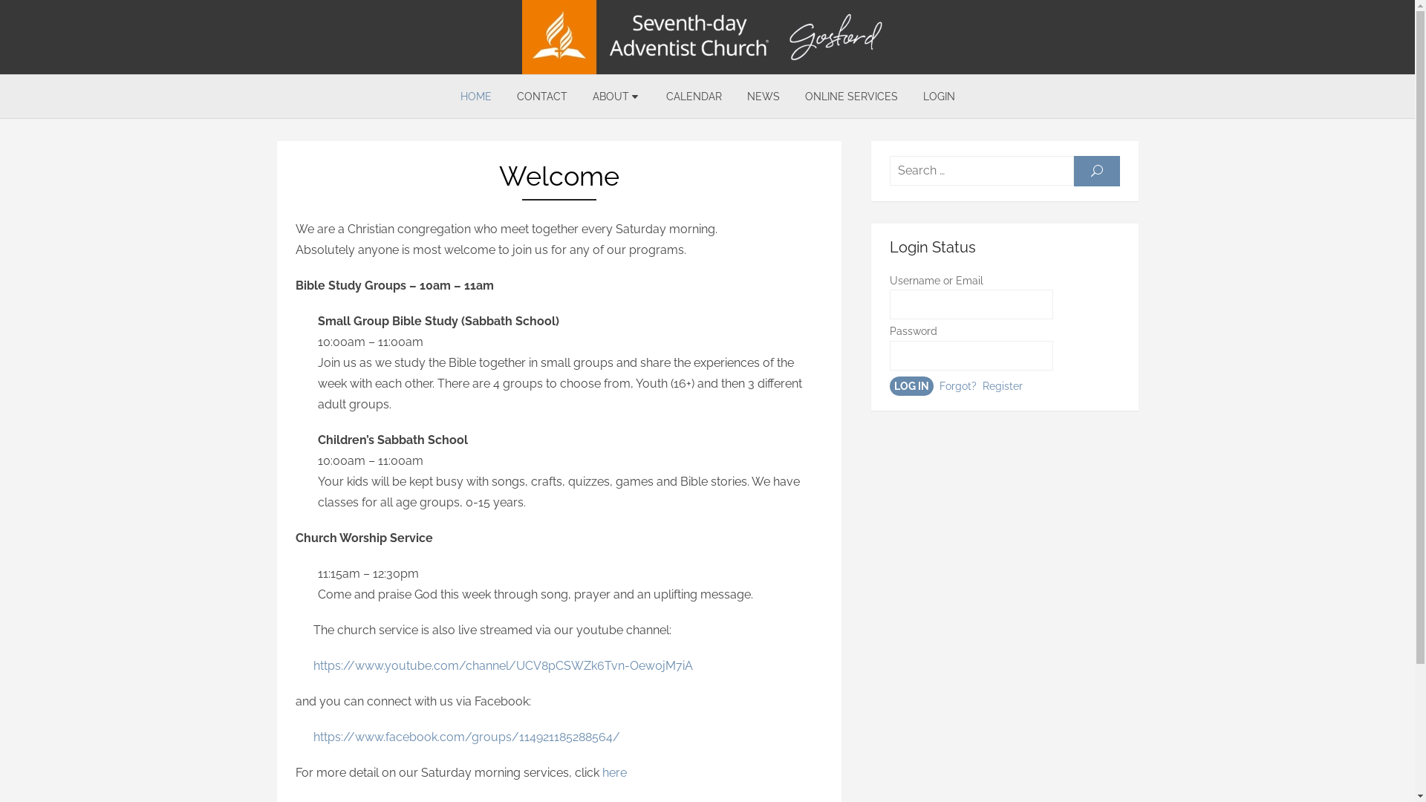 Image resolution: width=1426 pixels, height=802 pixels. What do you see at coordinates (1073, 170) in the screenshot?
I see `'SEARCH'` at bounding box center [1073, 170].